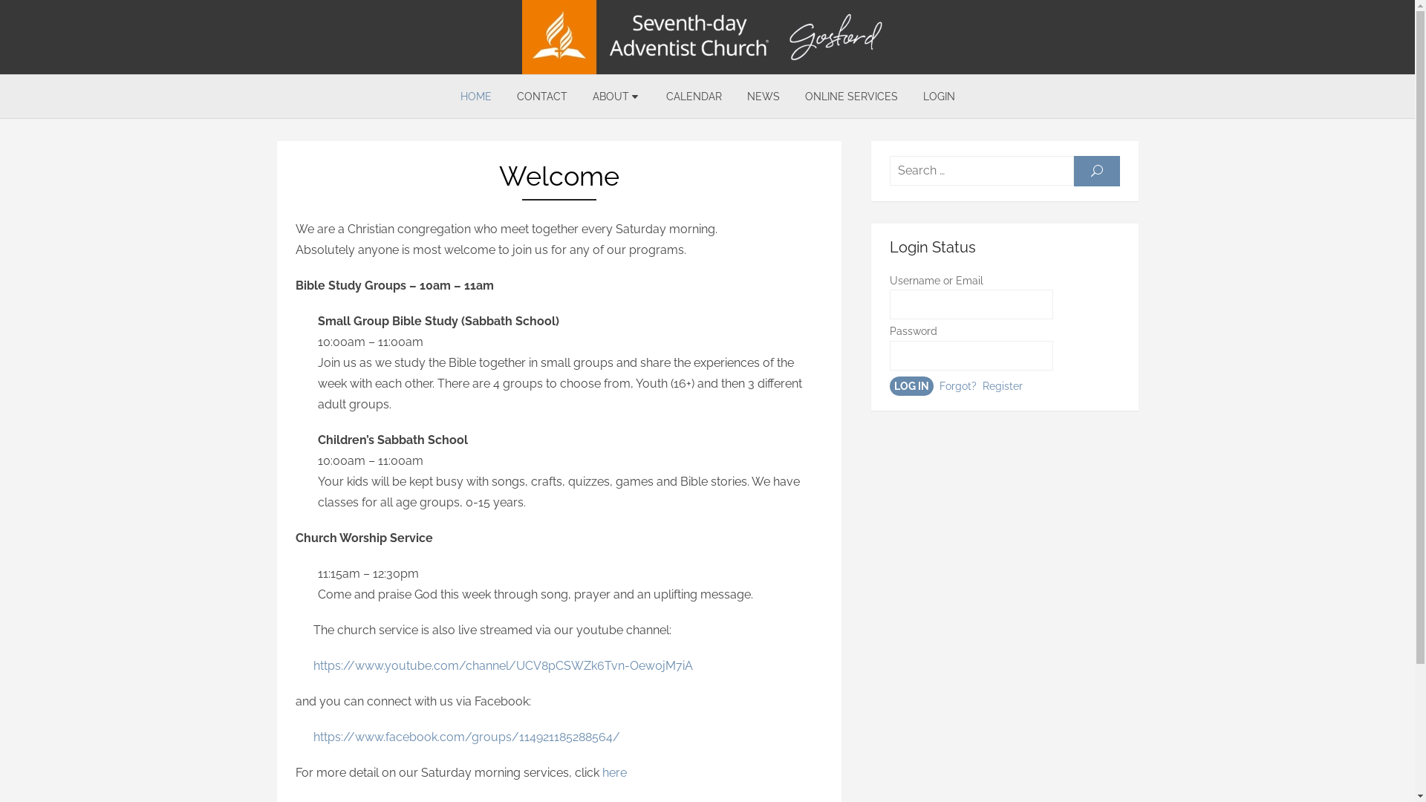 Image resolution: width=1426 pixels, height=802 pixels. What do you see at coordinates (1073, 170) in the screenshot?
I see `'SEARCH'` at bounding box center [1073, 170].